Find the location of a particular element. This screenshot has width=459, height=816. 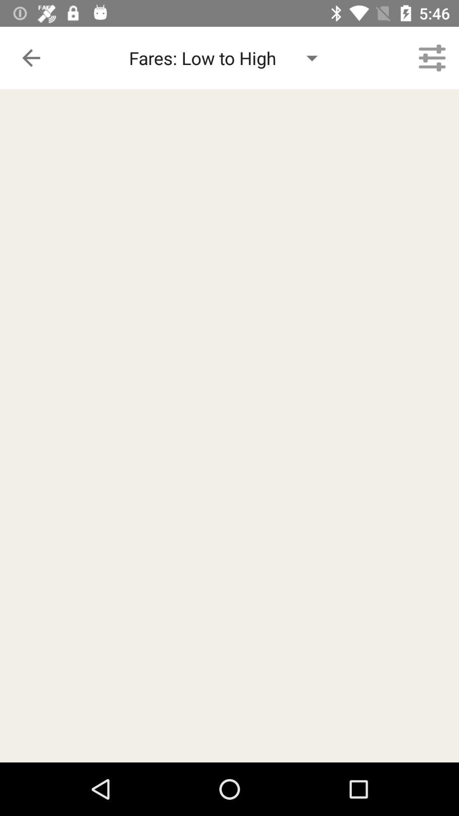

item next to fares low to icon is located at coordinates (432, 57).